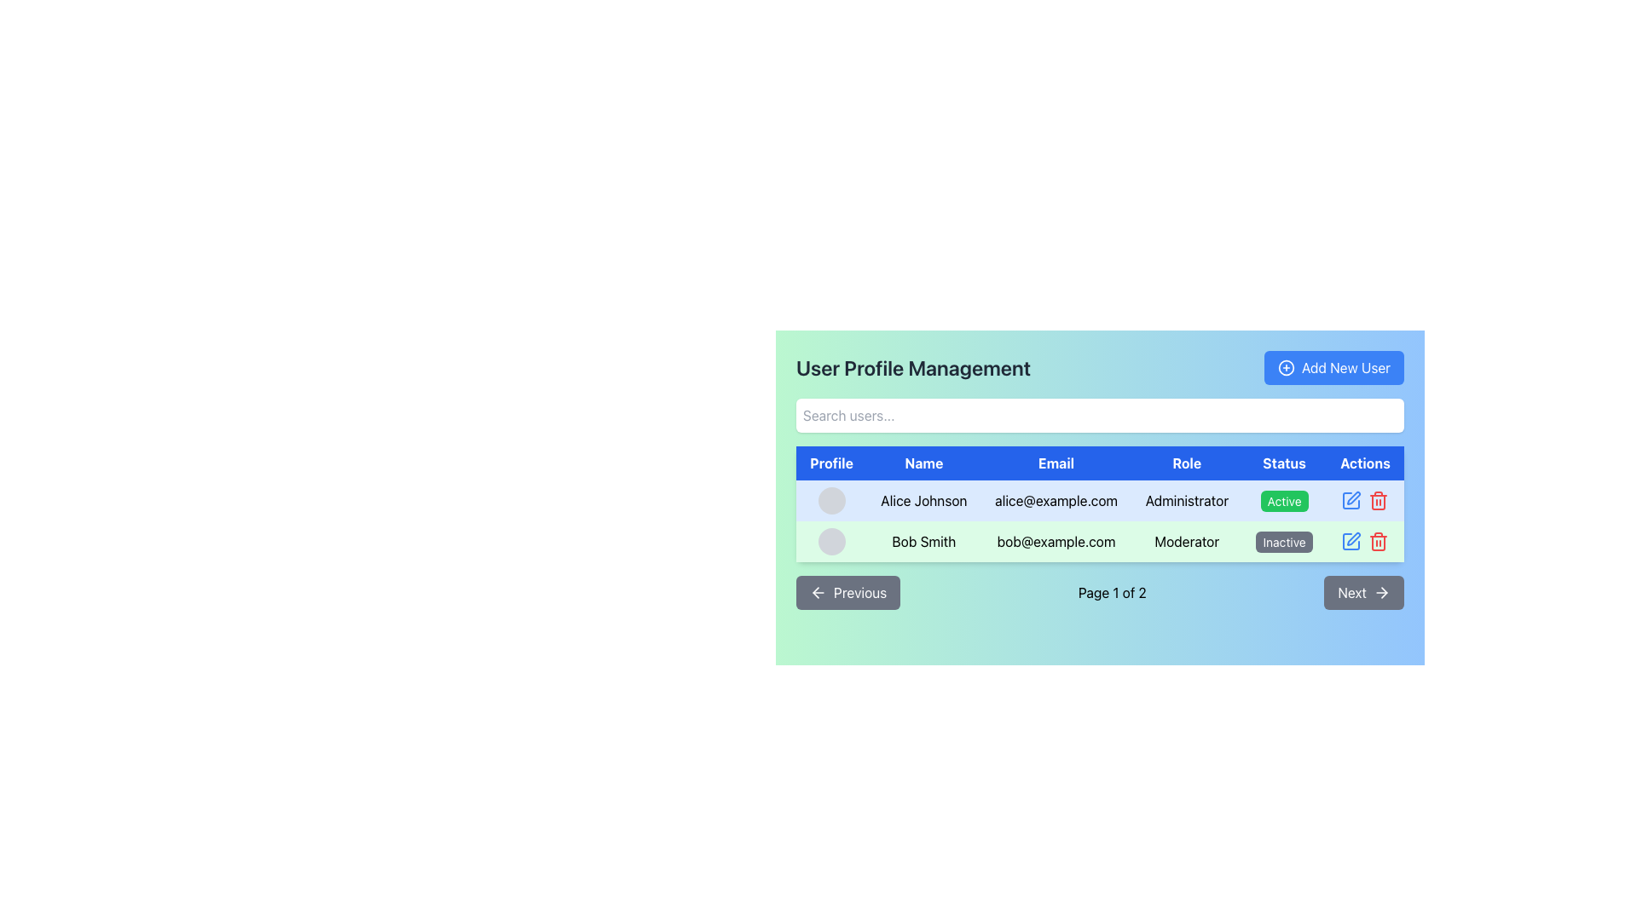  What do you see at coordinates (1186, 499) in the screenshot?
I see `the 'Administrator' text label in the fourth column of the first row in the data table, which is situated between the email entry 'alice@example.com' and the 'Status' column` at bounding box center [1186, 499].